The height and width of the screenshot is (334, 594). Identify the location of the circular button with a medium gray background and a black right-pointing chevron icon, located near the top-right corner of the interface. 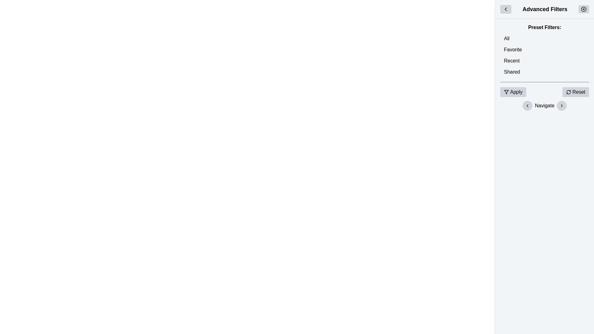
(562, 105).